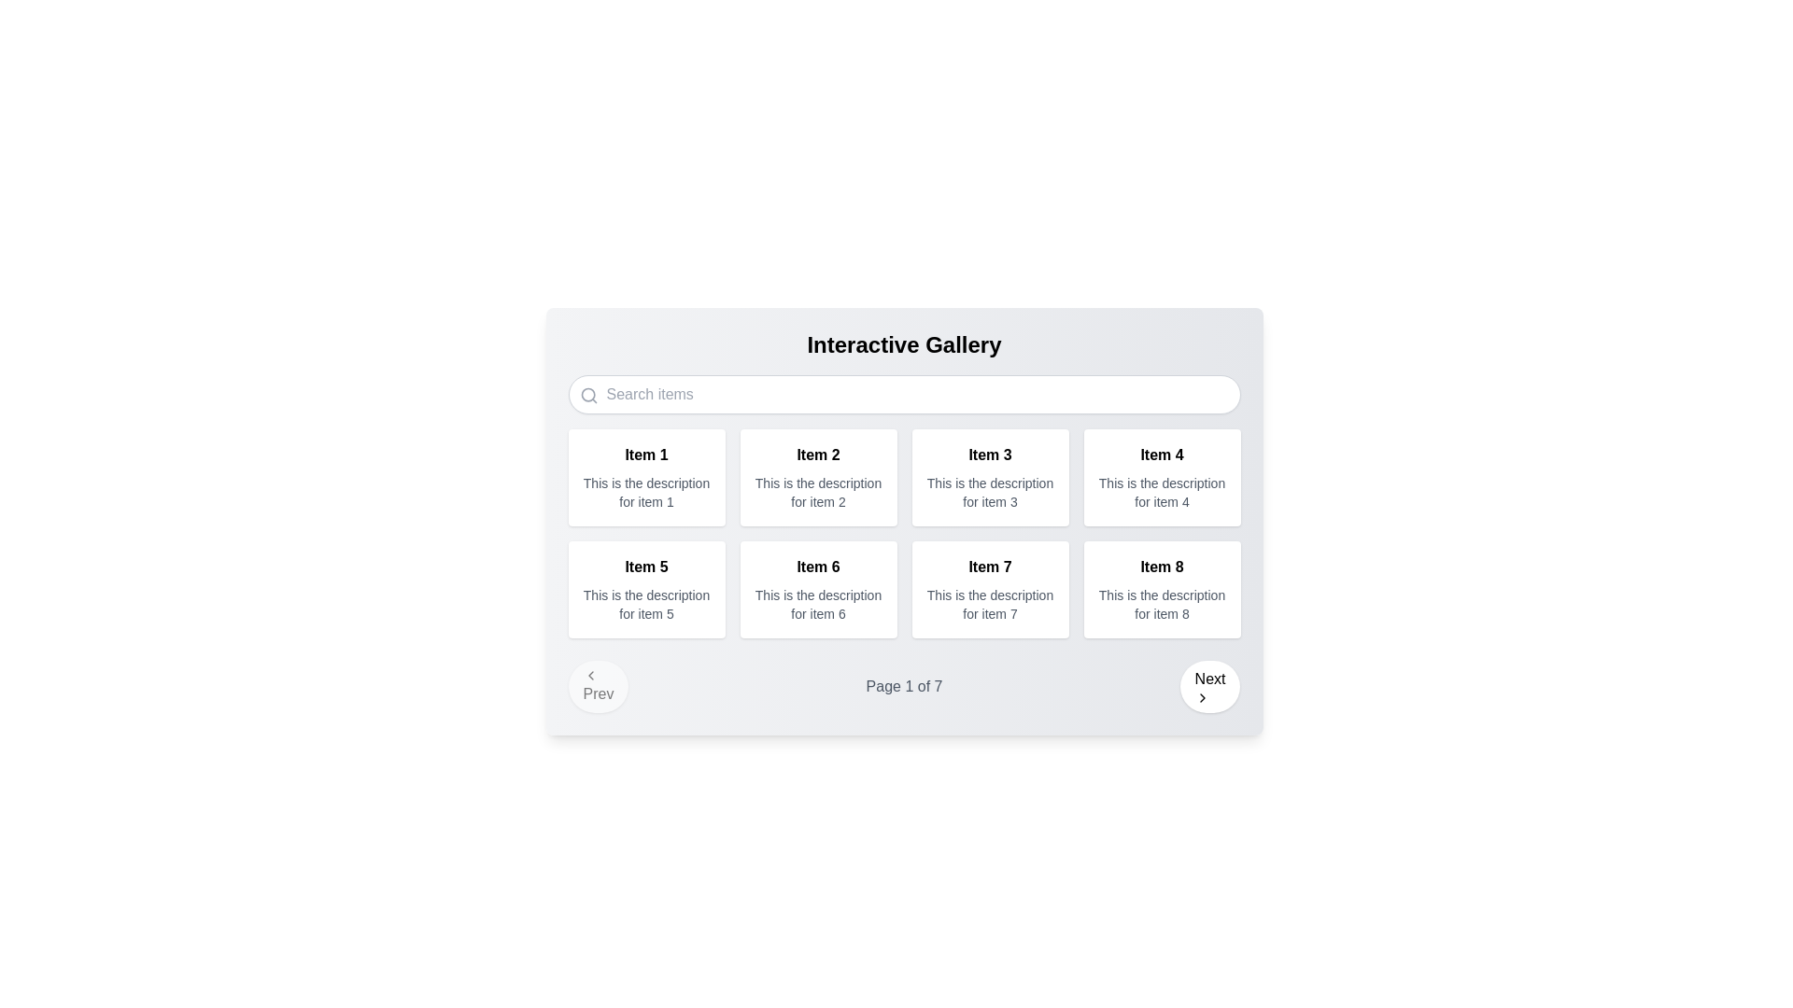  I want to click on the indicator icon located on the right side of the 'Next' button at the bottom-right corner of the interface to observe any hover effects, so click(1202, 698).